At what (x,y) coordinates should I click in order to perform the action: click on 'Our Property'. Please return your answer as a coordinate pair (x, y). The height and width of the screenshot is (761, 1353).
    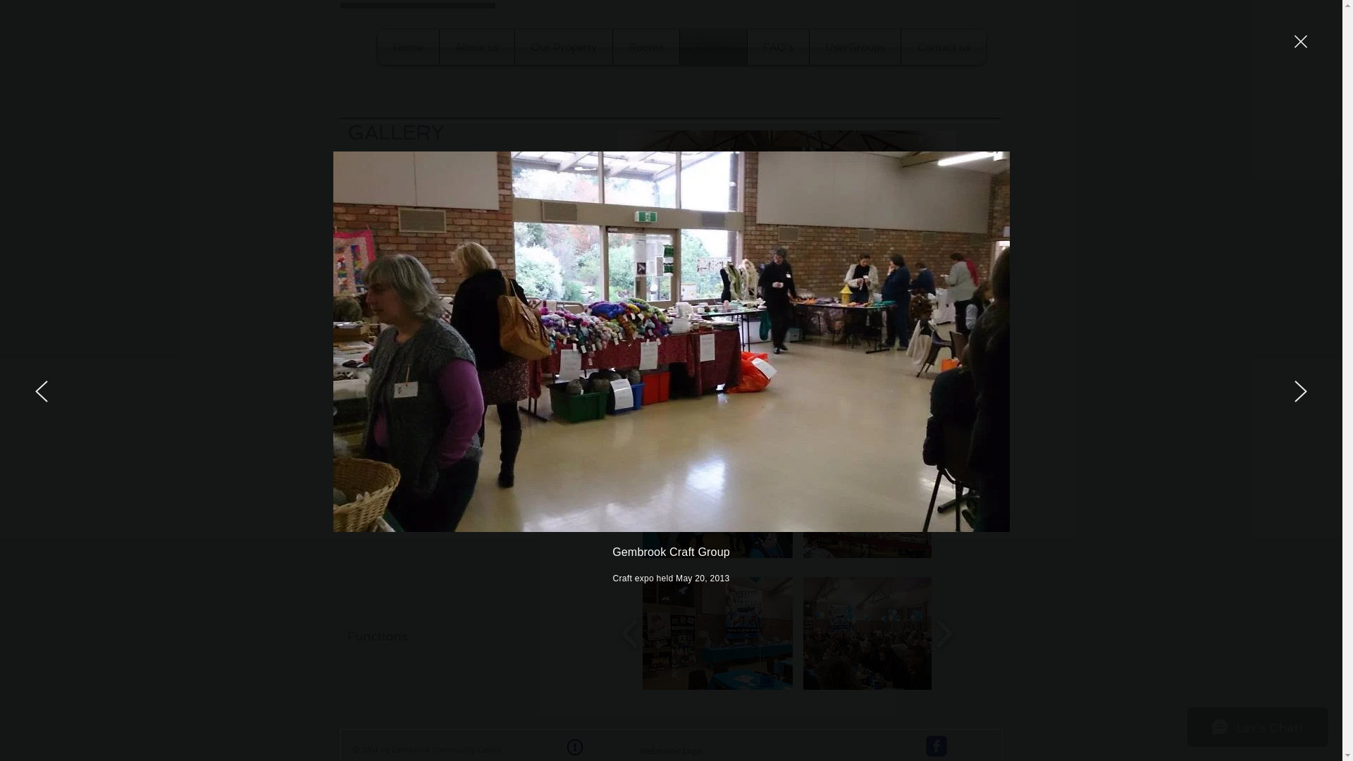
    Looking at the image, I should click on (562, 46).